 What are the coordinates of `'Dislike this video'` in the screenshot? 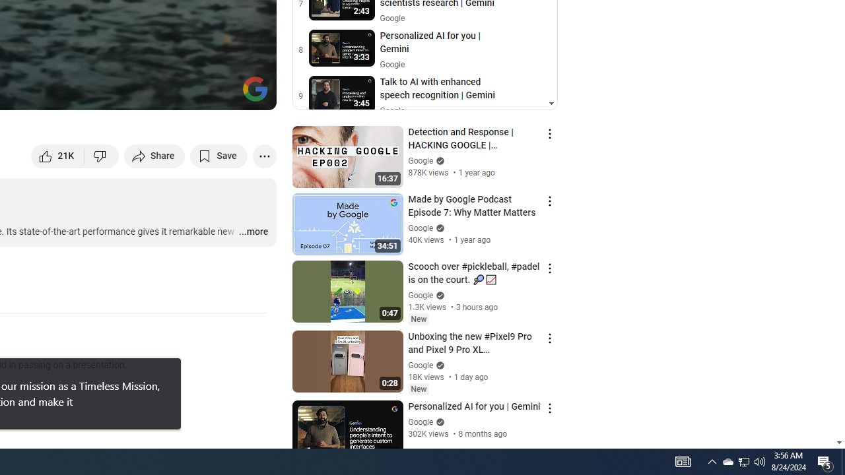 It's located at (101, 155).